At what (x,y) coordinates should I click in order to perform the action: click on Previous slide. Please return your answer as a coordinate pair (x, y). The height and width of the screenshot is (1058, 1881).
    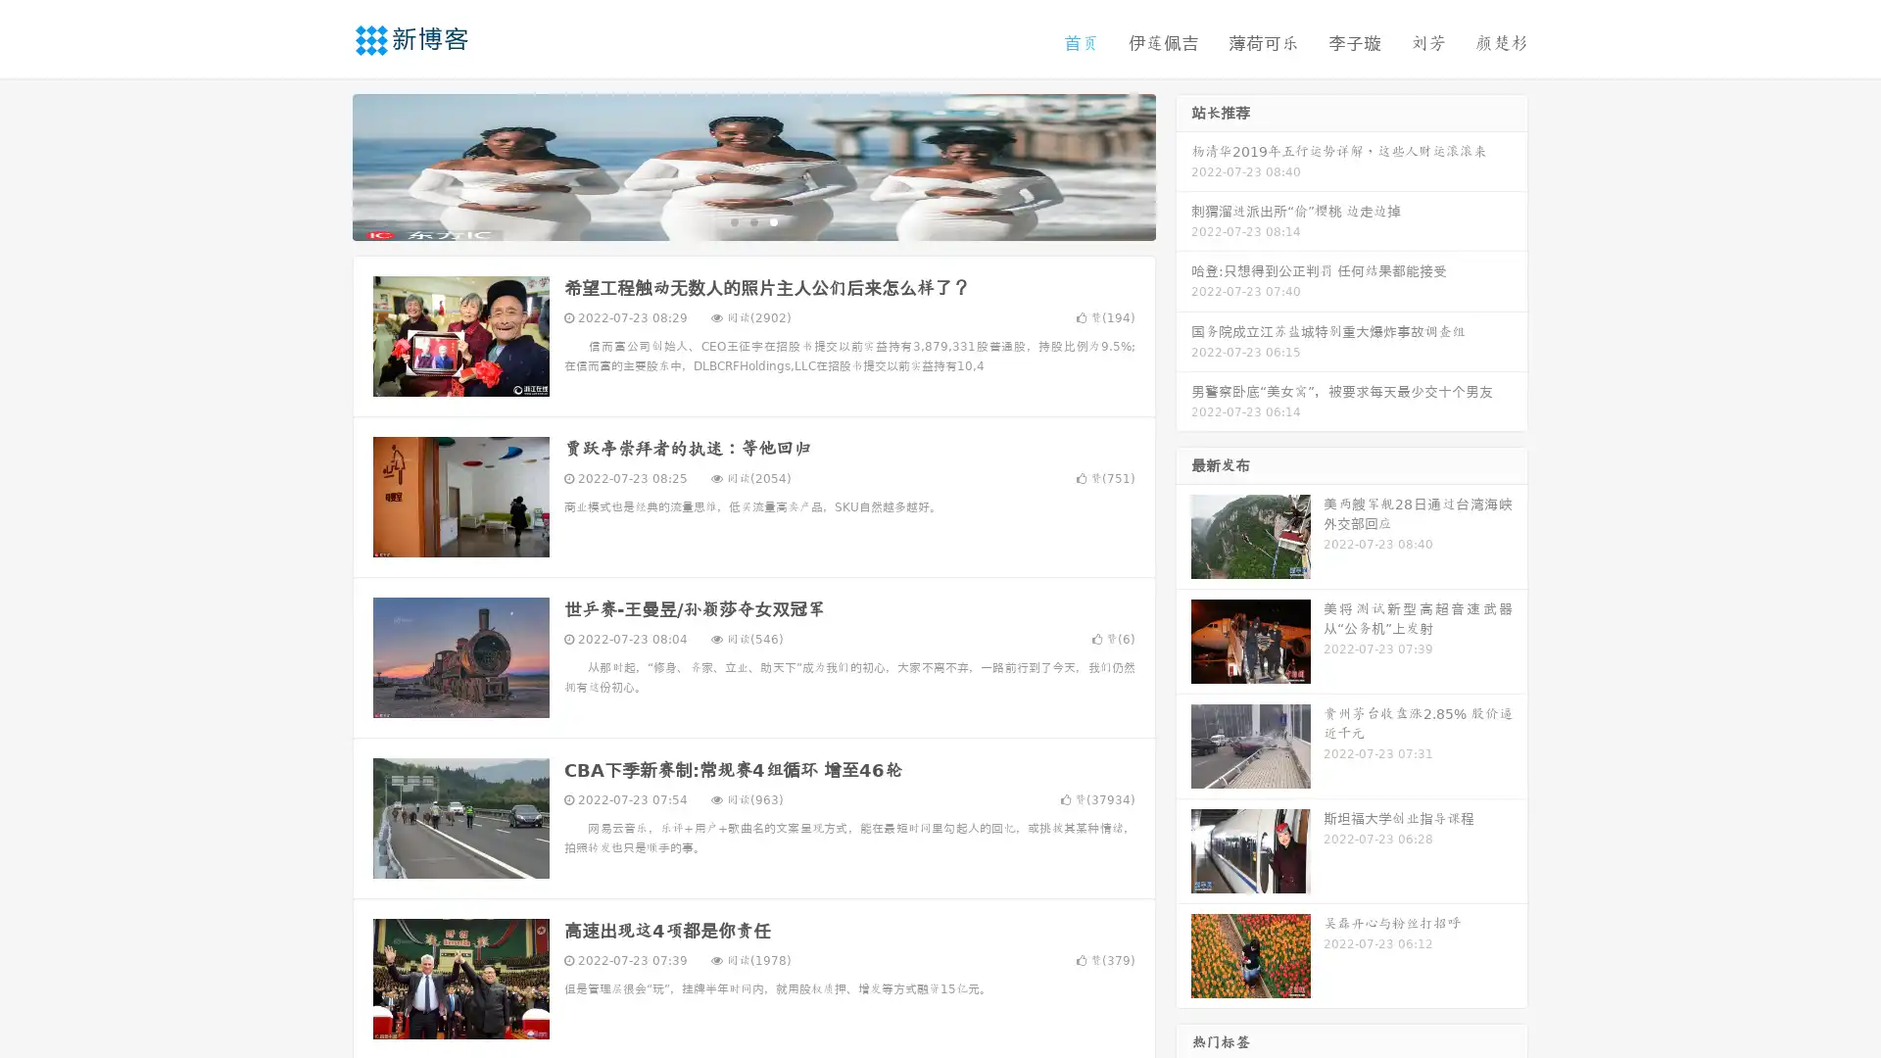
    Looking at the image, I should click on (323, 165).